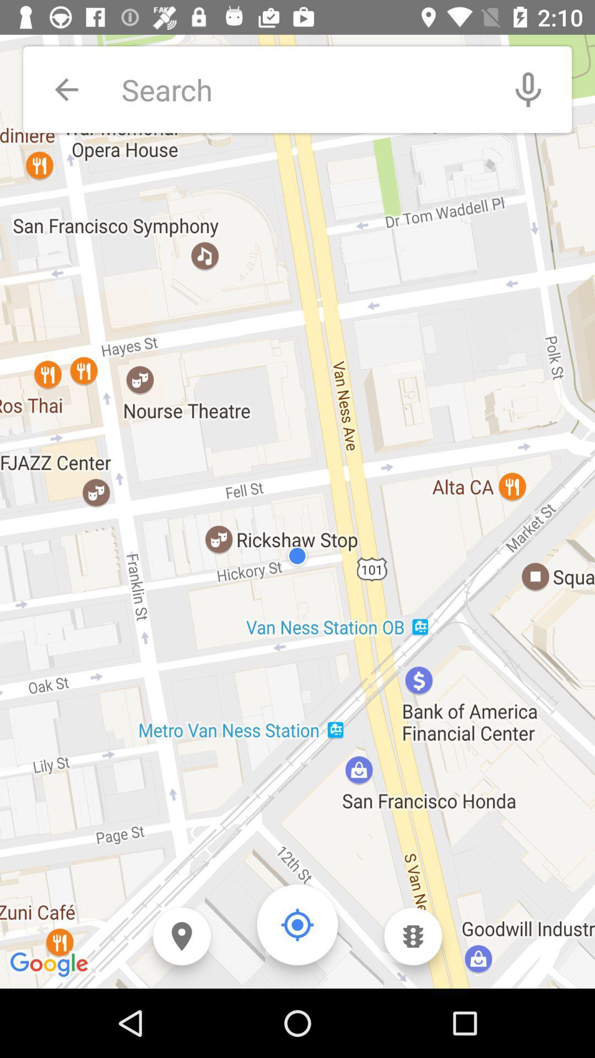 The width and height of the screenshot is (595, 1058). What do you see at coordinates (297, 925) in the screenshot?
I see `location` at bounding box center [297, 925].